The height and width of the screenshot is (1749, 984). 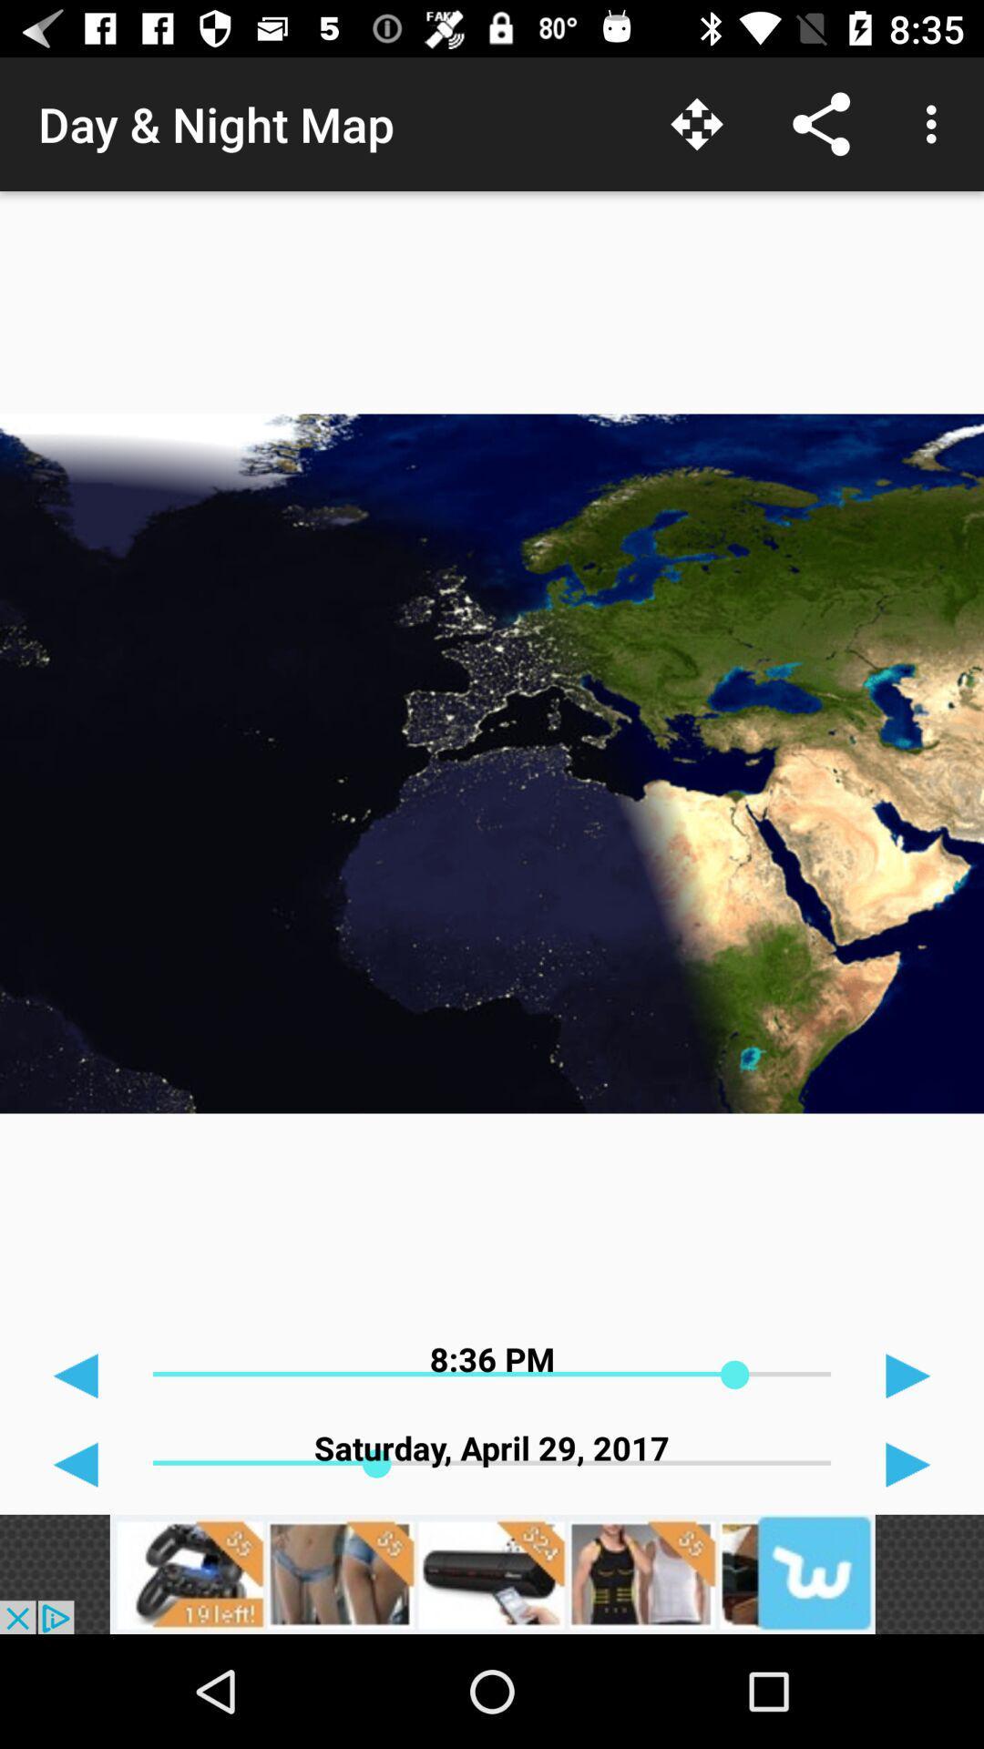 What do you see at coordinates (492, 1573) in the screenshot?
I see `open advertisement` at bounding box center [492, 1573].